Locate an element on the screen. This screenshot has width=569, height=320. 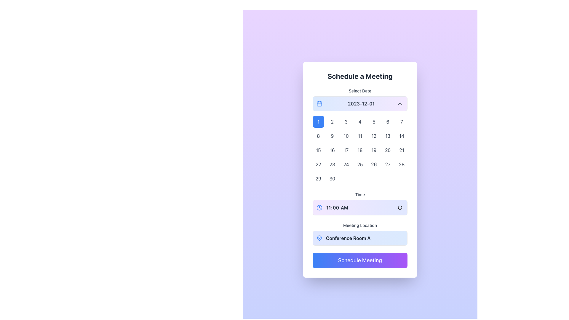
the date selection button for the date '22' in the calendar interface is located at coordinates (318, 164).